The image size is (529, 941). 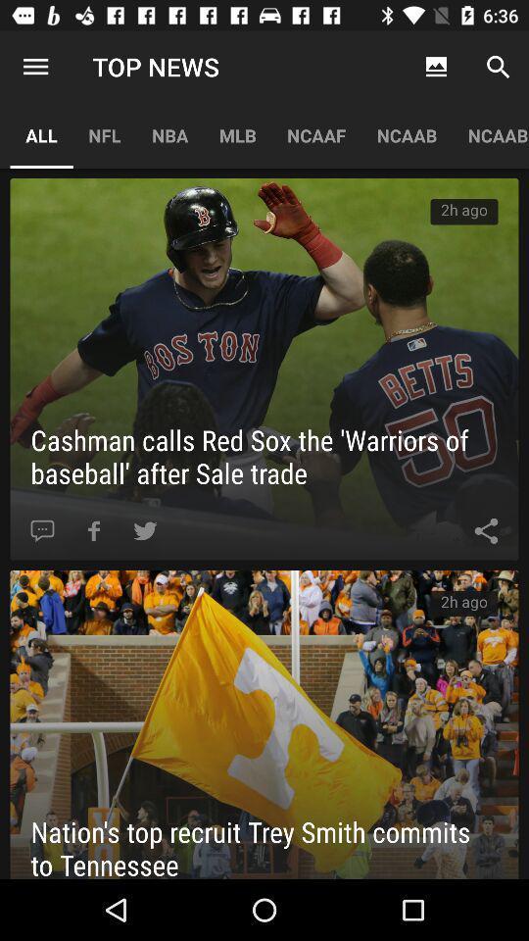 I want to click on the nba item, so click(x=169, y=134).